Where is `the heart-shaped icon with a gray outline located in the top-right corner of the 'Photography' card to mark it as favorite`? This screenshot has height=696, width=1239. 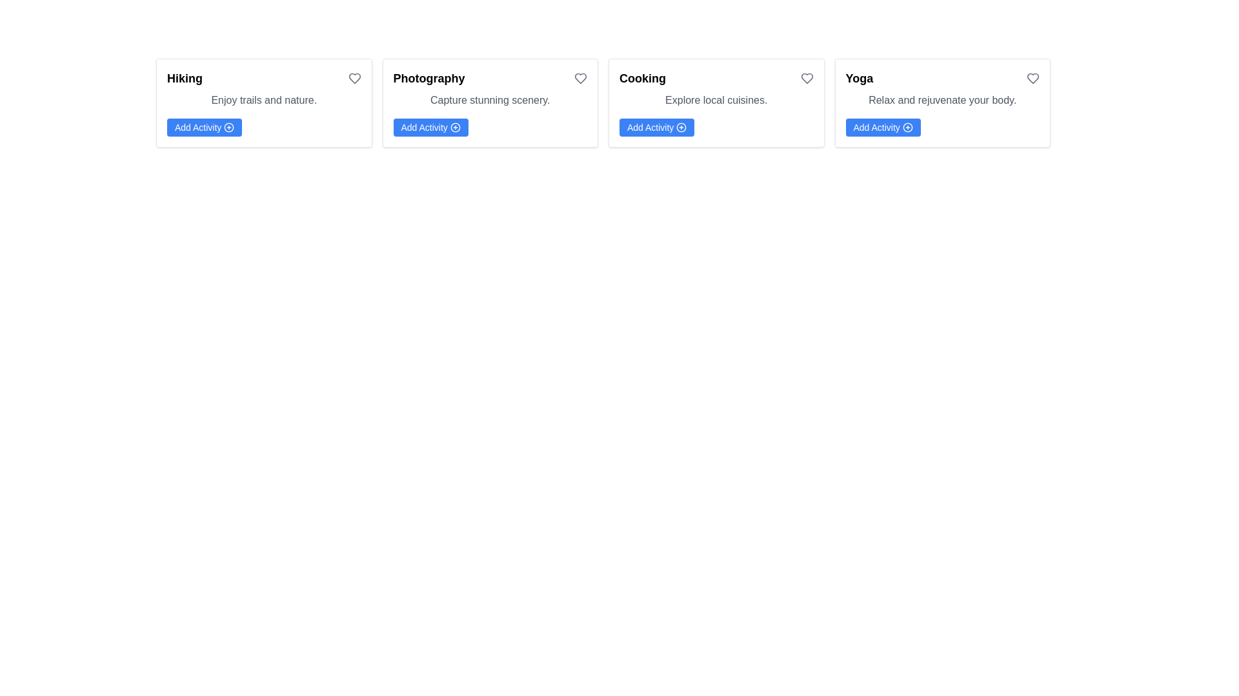 the heart-shaped icon with a gray outline located in the top-right corner of the 'Photography' card to mark it as favorite is located at coordinates (580, 79).